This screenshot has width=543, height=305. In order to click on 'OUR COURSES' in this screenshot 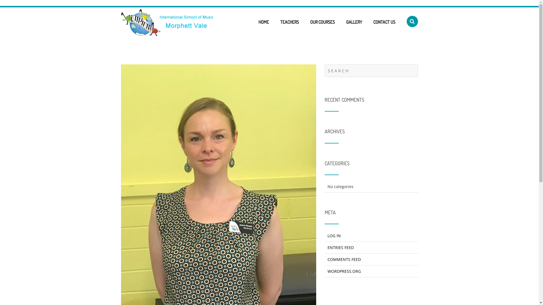, I will do `click(322, 21)`.